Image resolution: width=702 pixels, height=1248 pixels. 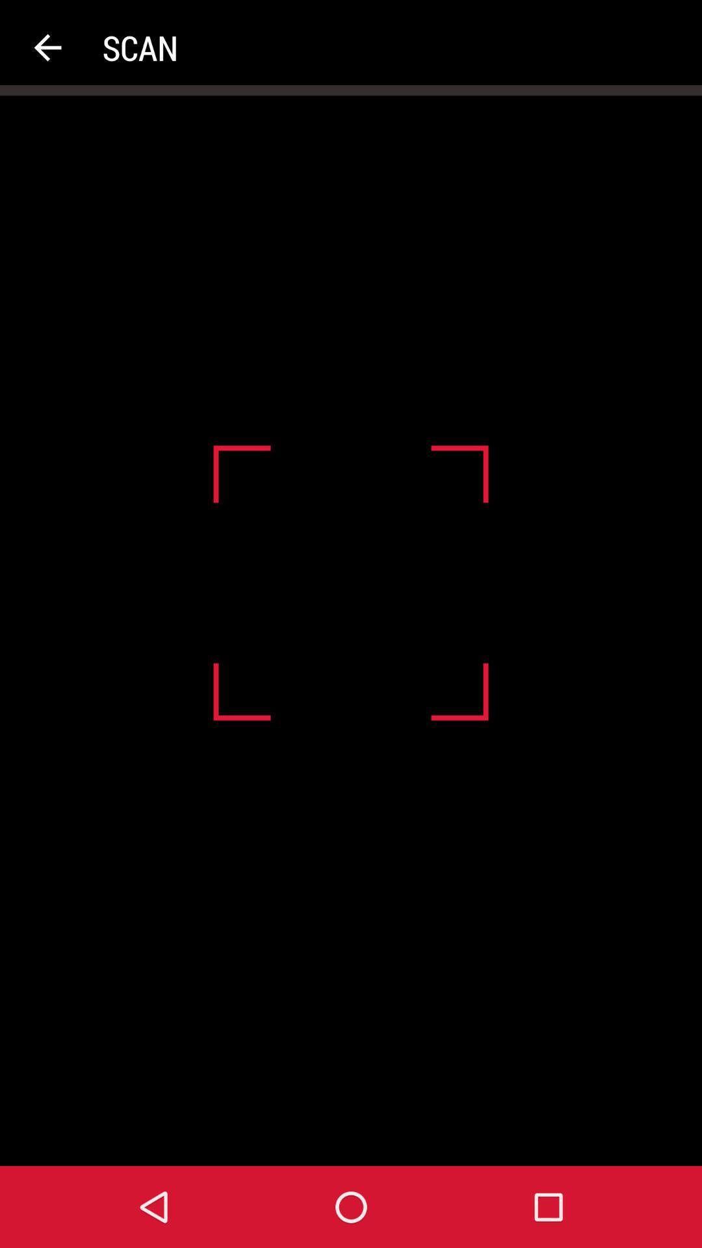 What do you see at coordinates (47, 47) in the screenshot?
I see `the item next to scan app` at bounding box center [47, 47].